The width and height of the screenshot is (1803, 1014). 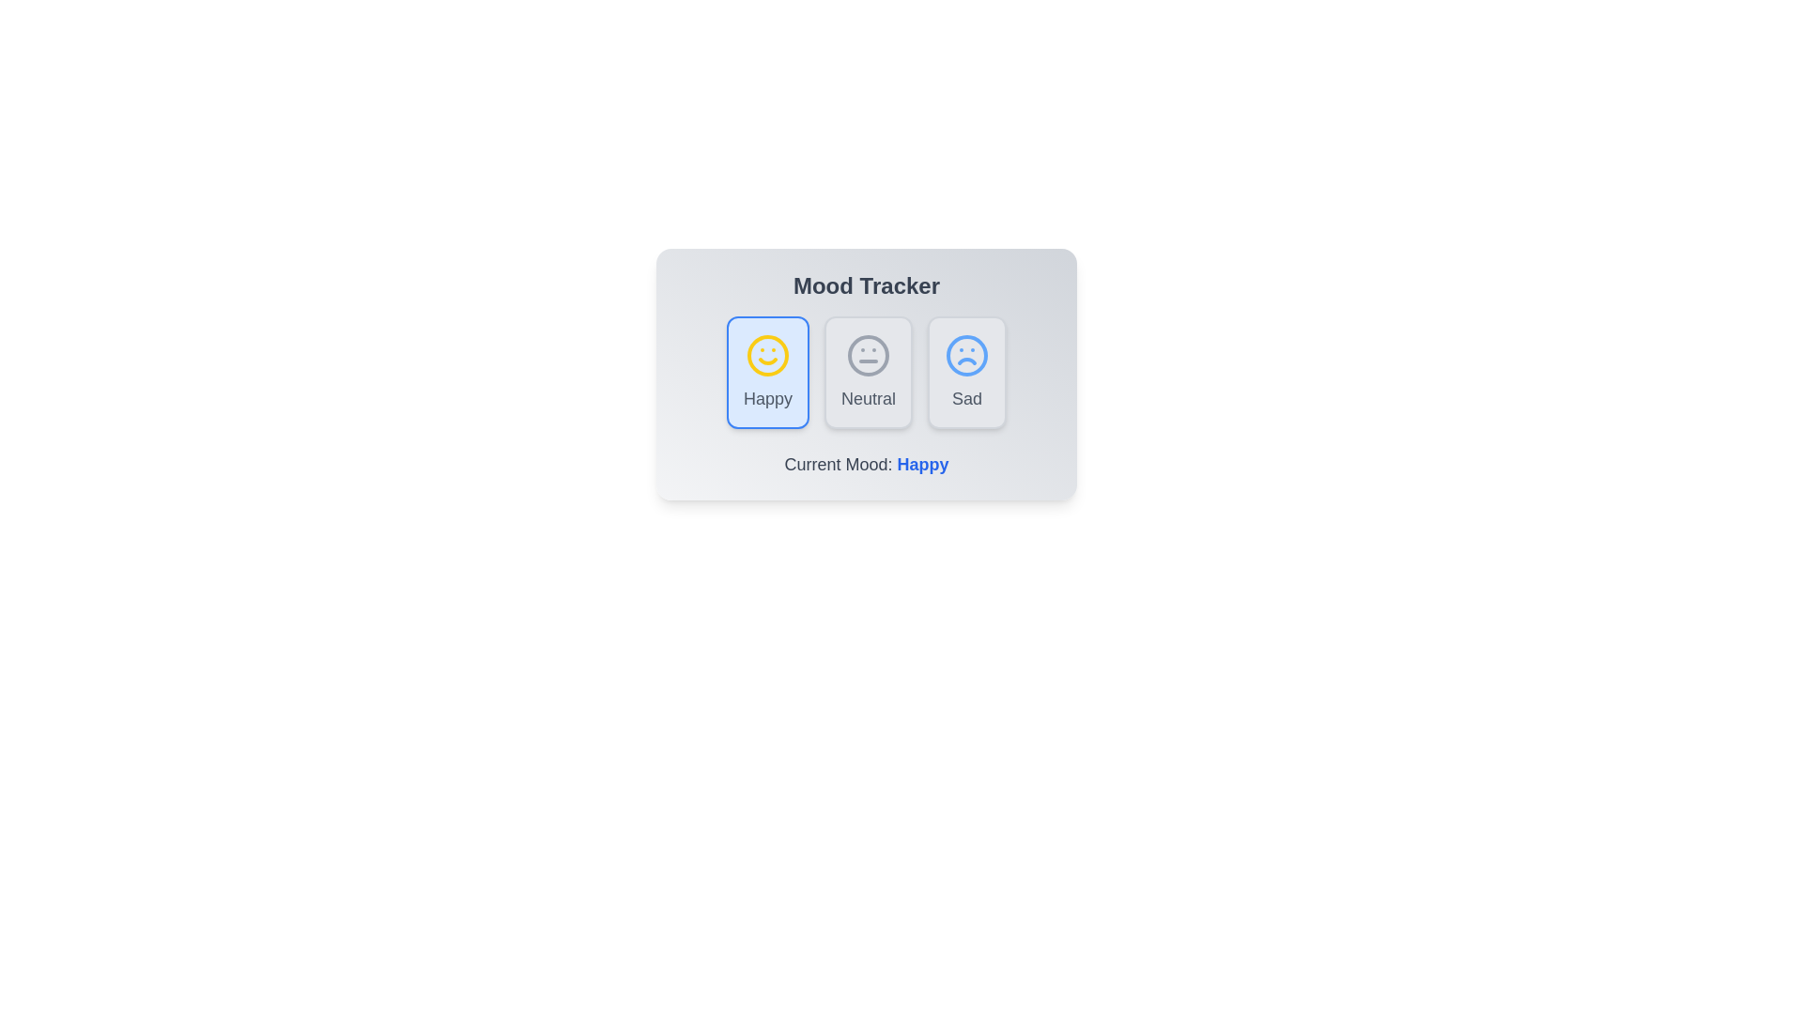 I want to click on the mood button labeled Sad, so click(x=967, y=373).